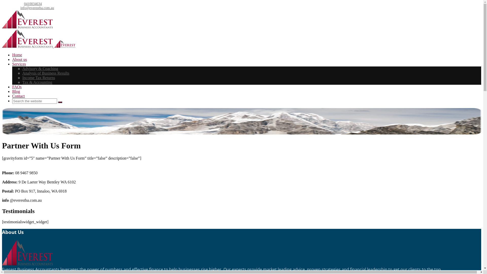 Image resolution: width=487 pixels, height=274 pixels. I want to click on 'FAQs', so click(12, 87).